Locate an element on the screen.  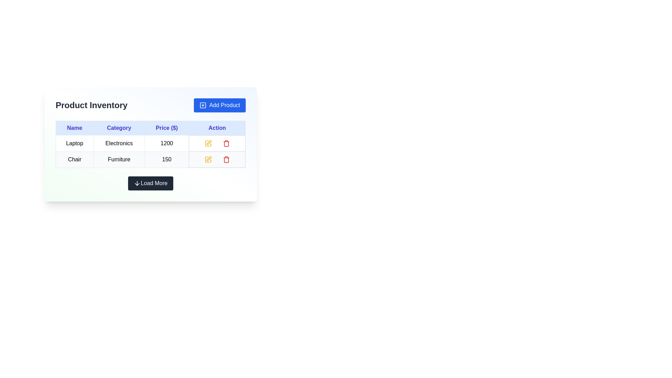
the 'Load More' button, which has a dark gray background, white text, and an arrow-down icon, located below the product listing table is located at coordinates (150, 183).